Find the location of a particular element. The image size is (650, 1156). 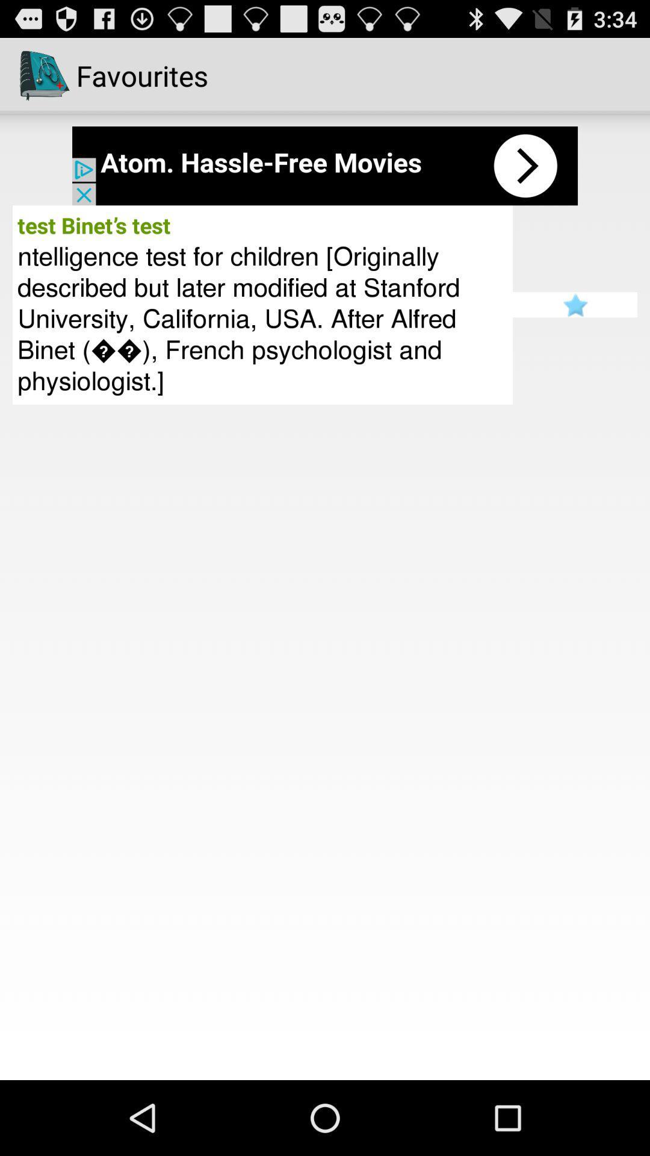

paid advertisement is located at coordinates (325, 165).